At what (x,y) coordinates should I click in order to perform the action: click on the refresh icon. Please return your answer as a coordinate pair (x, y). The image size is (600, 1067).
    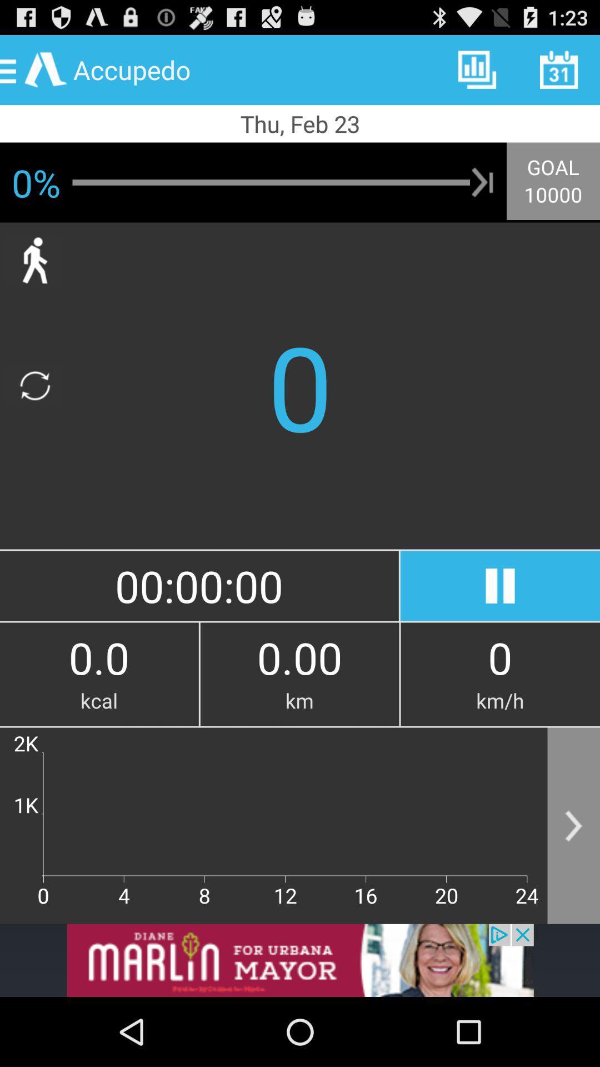
    Looking at the image, I should click on (34, 412).